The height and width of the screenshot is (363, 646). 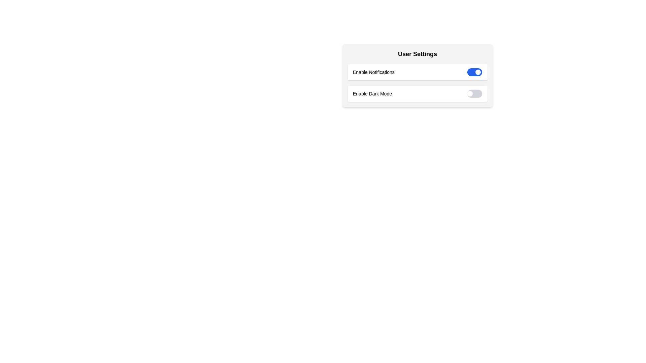 What do you see at coordinates (372, 93) in the screenshot?
I see `the text label that says 'Enable Dark Mode'` at bounding box center [372, 93].